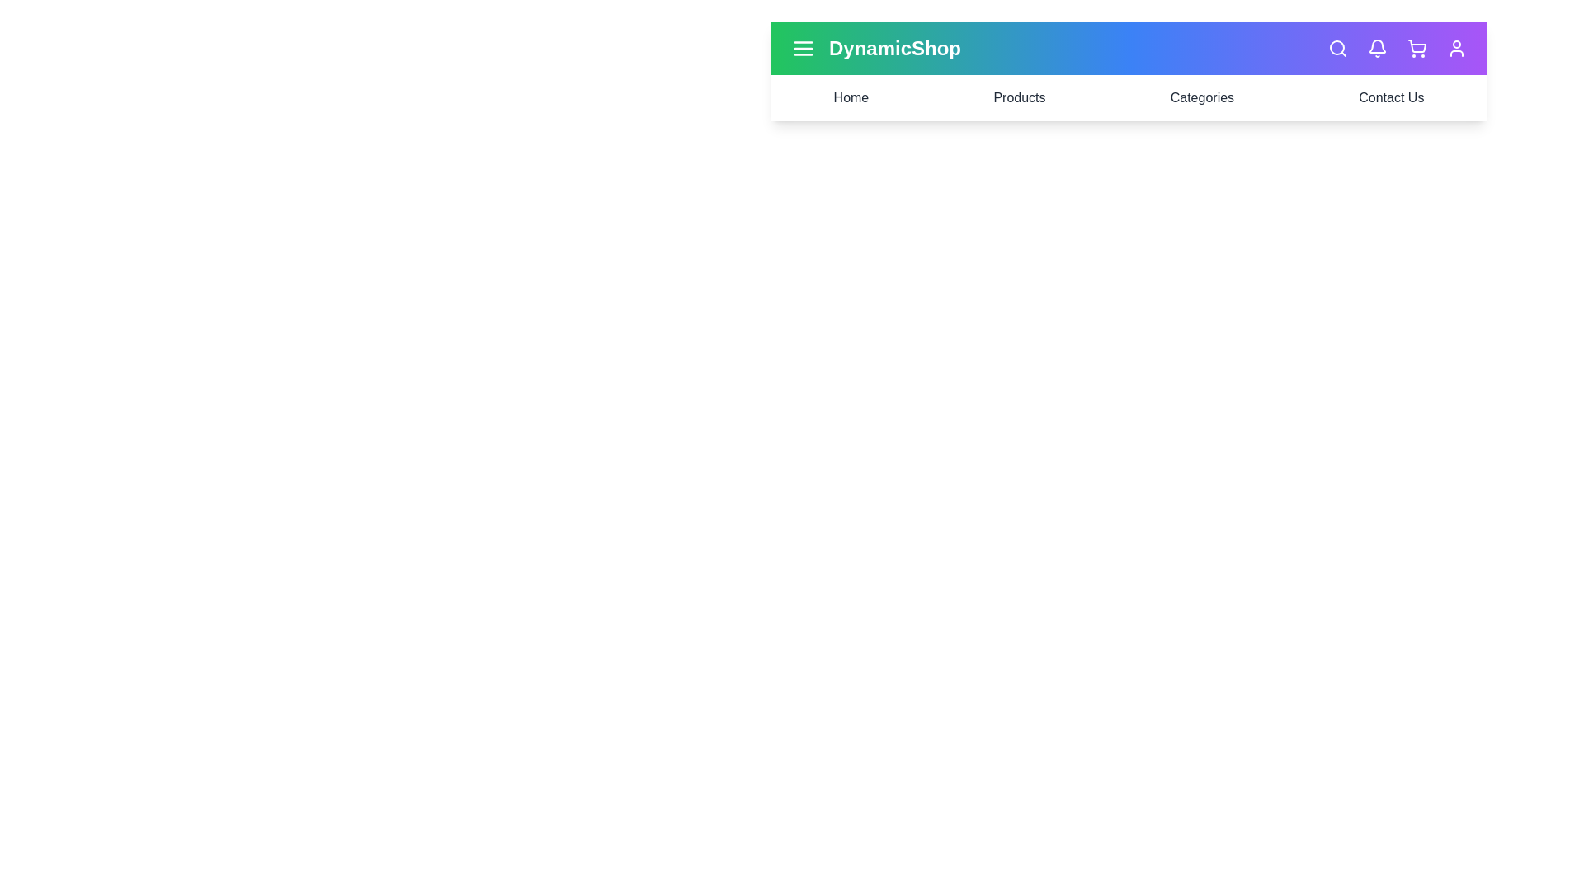  I want to click on the shopping cart icon, so click(1417, 47).